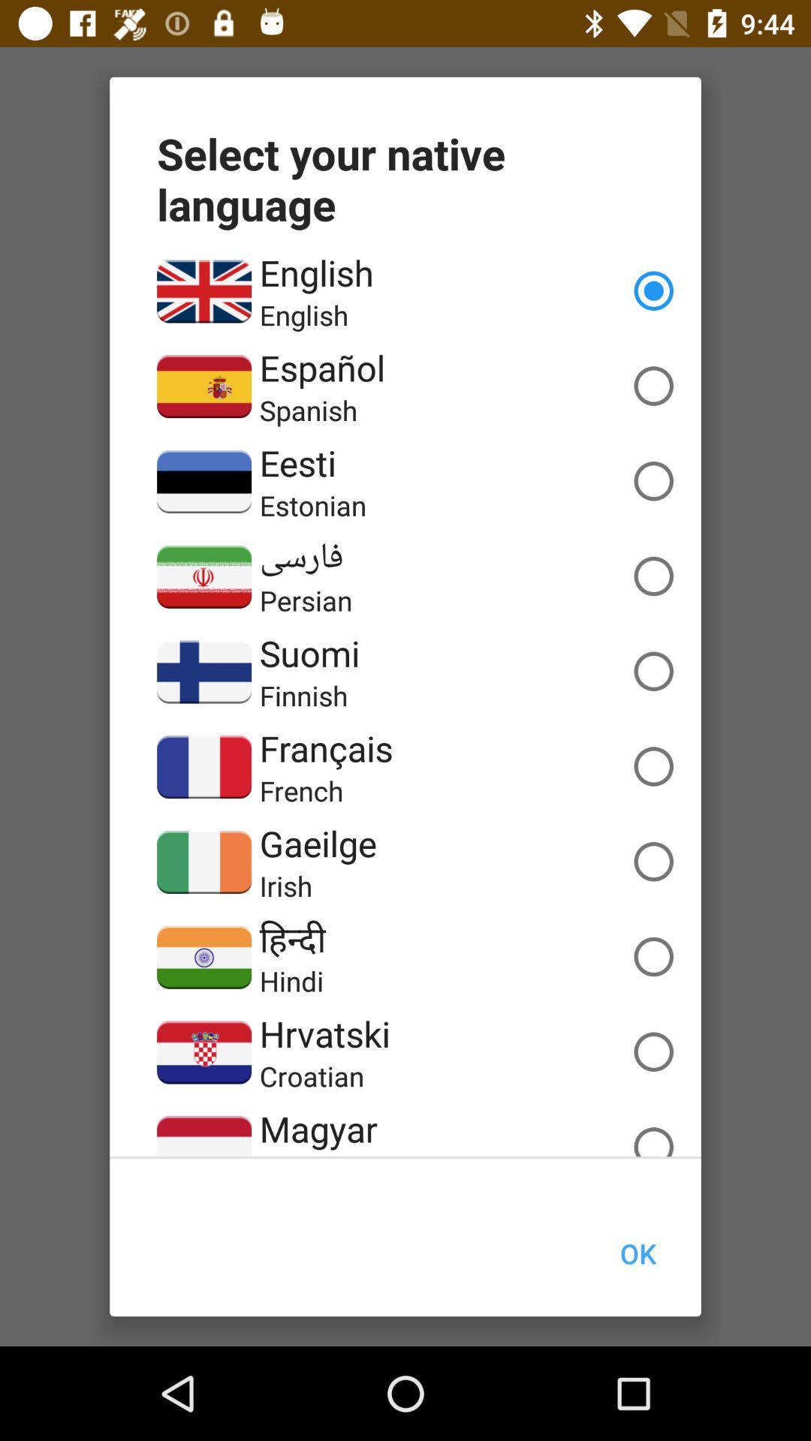 This screenshot has height=1441, width=811. Describe the element at coordinates (286, 886) in the screenshot. I see `icon below gaeilge item` at that location.